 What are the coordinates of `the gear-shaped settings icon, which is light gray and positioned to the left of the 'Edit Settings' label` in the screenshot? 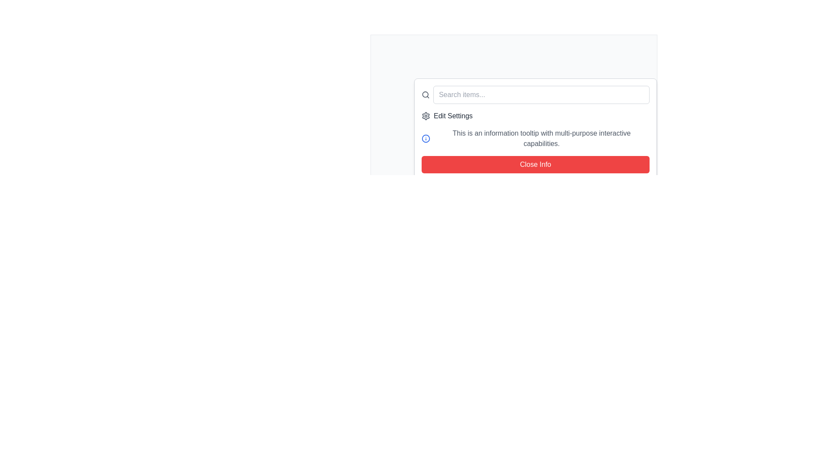 It's located at (426, 115).